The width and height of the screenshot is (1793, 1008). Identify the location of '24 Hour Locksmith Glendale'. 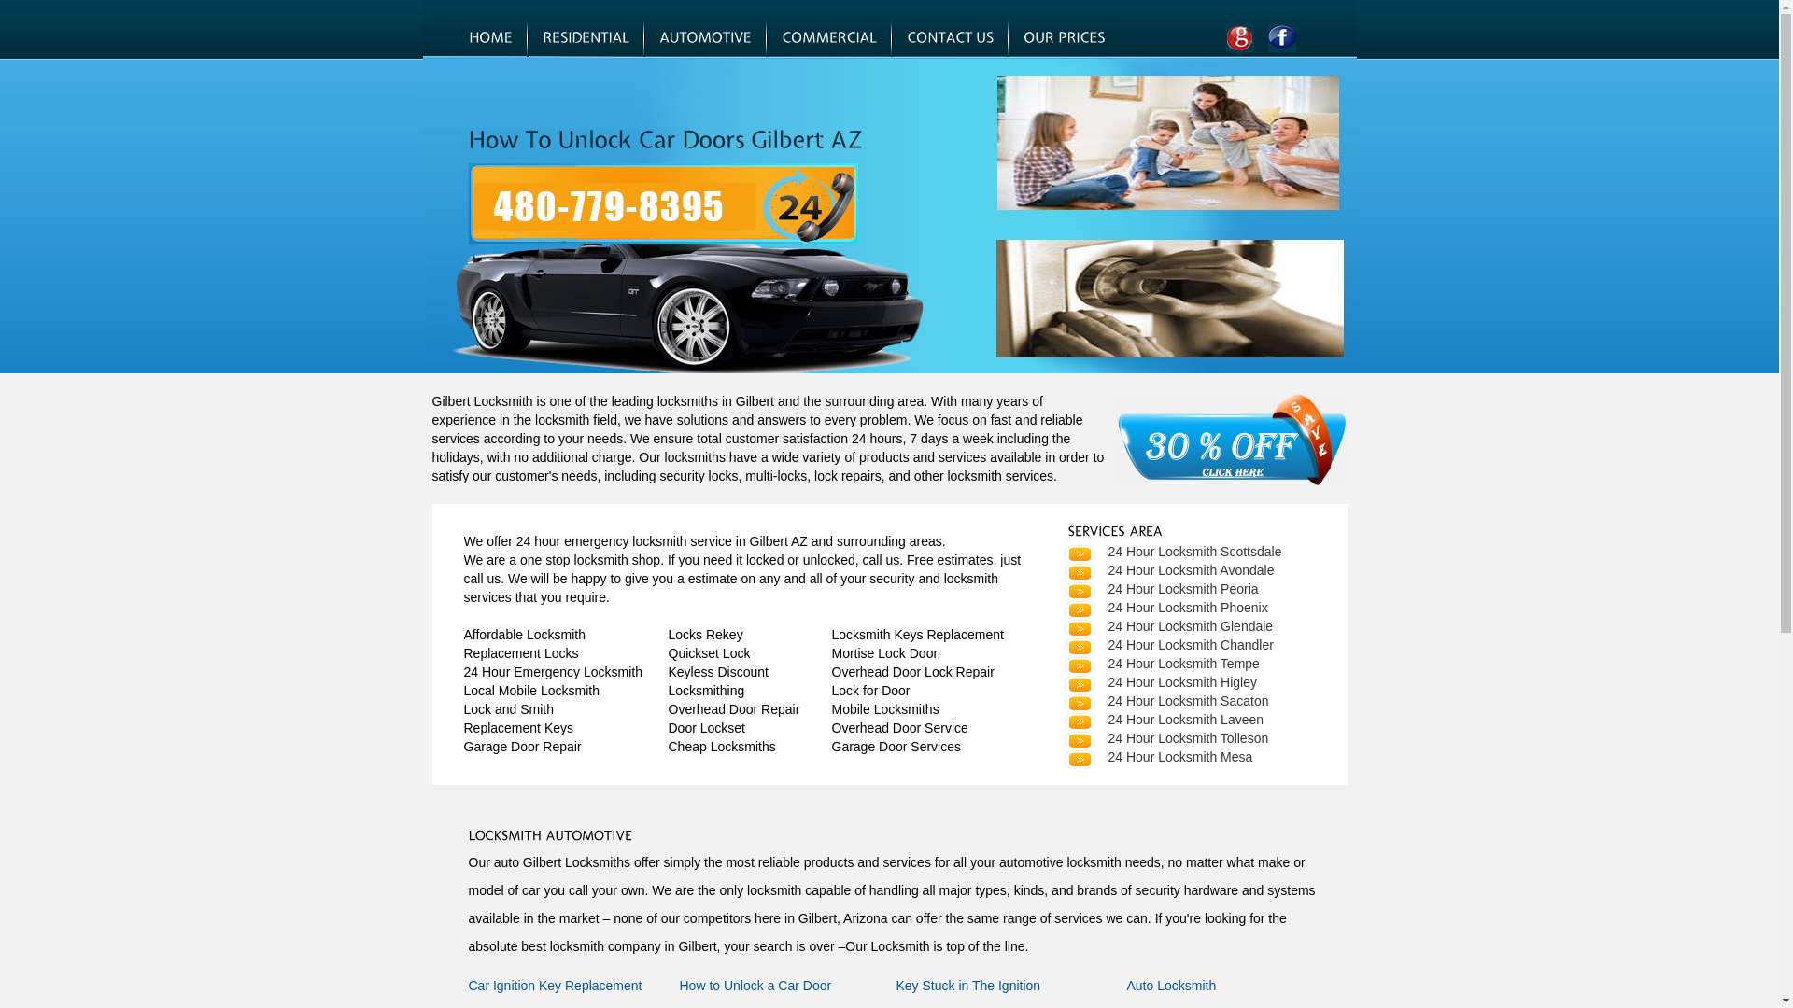
(1166, 626).